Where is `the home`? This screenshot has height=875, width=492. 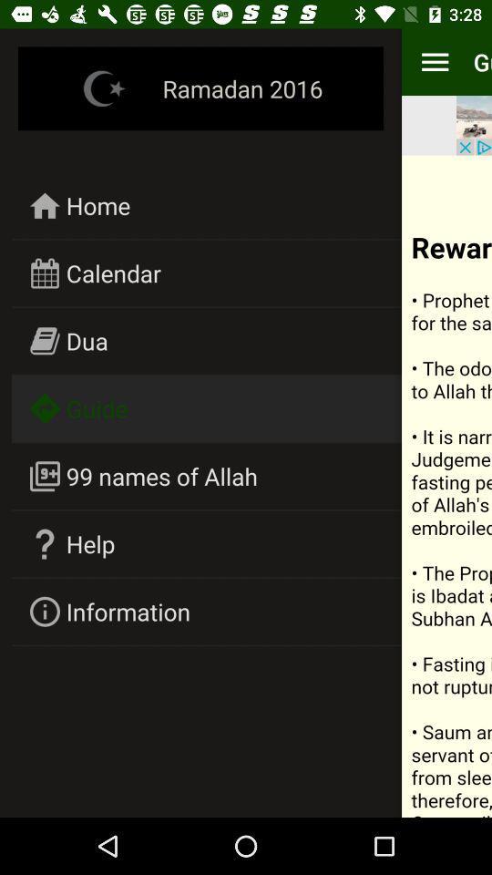
the home is located at coordinates (98, 205).